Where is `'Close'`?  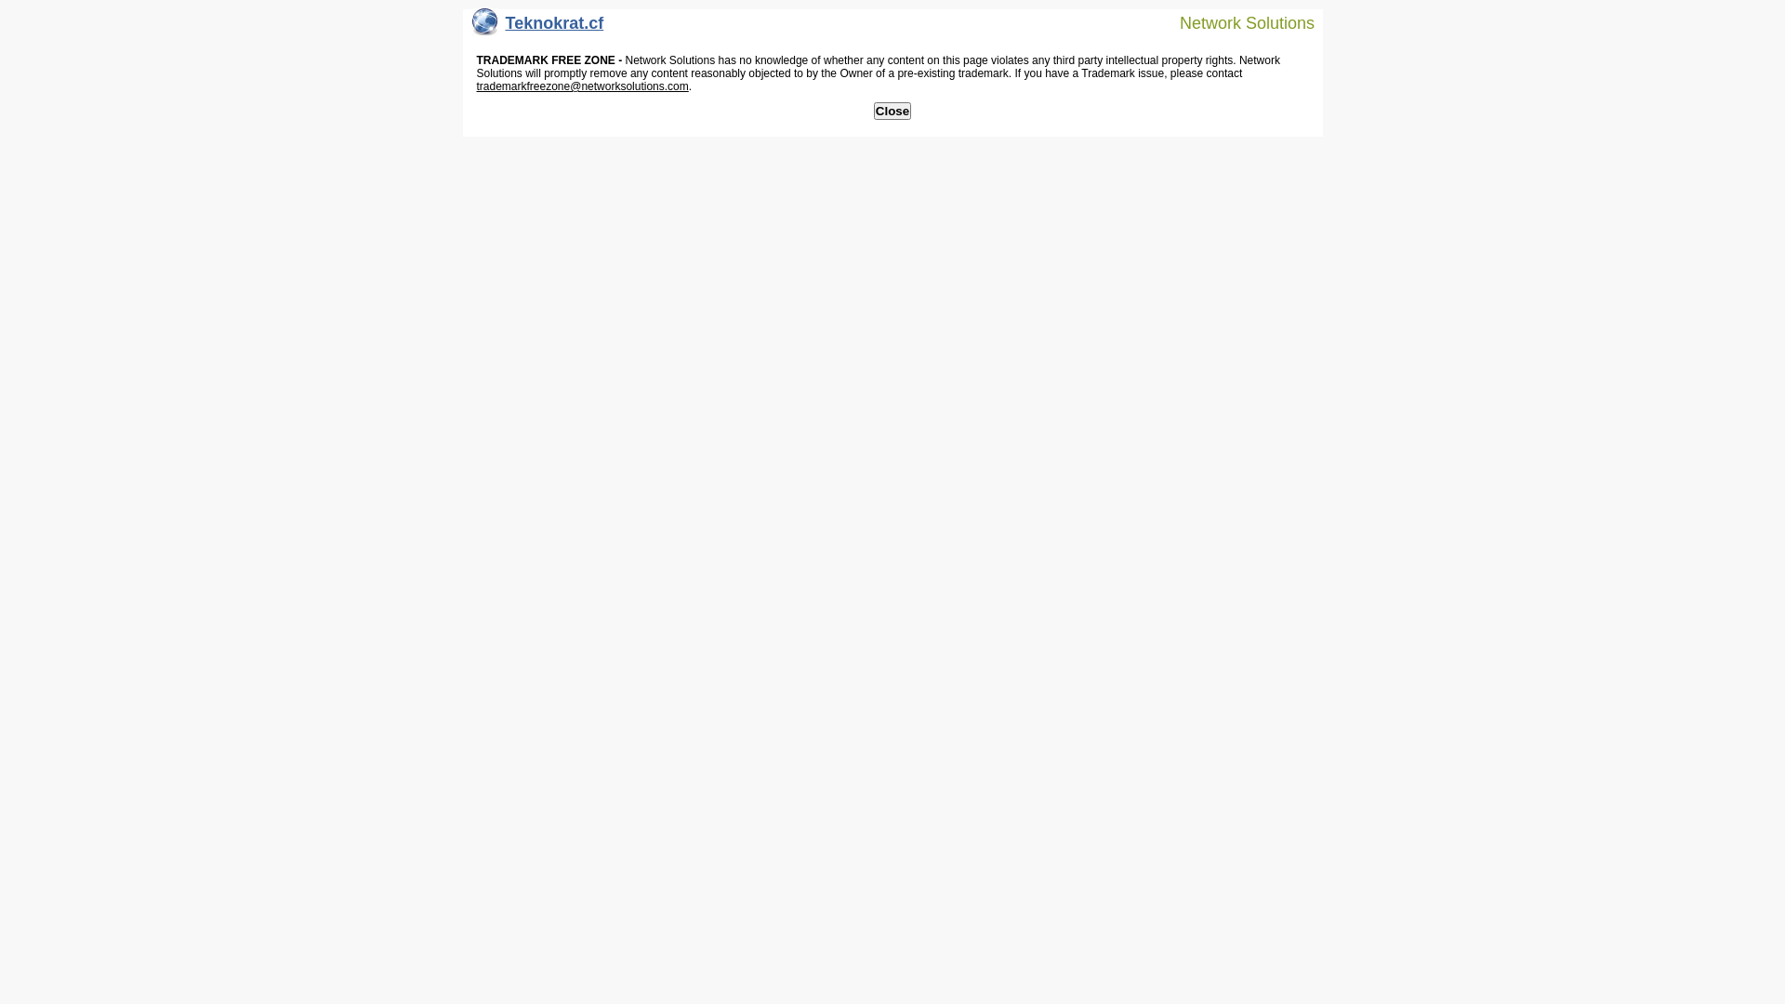
'Close' is located at coordinates (873, 111).